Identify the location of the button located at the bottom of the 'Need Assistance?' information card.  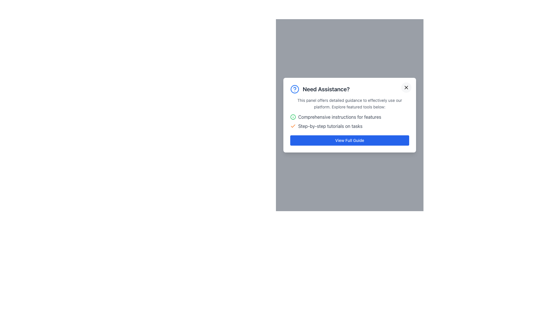
(349, 140).